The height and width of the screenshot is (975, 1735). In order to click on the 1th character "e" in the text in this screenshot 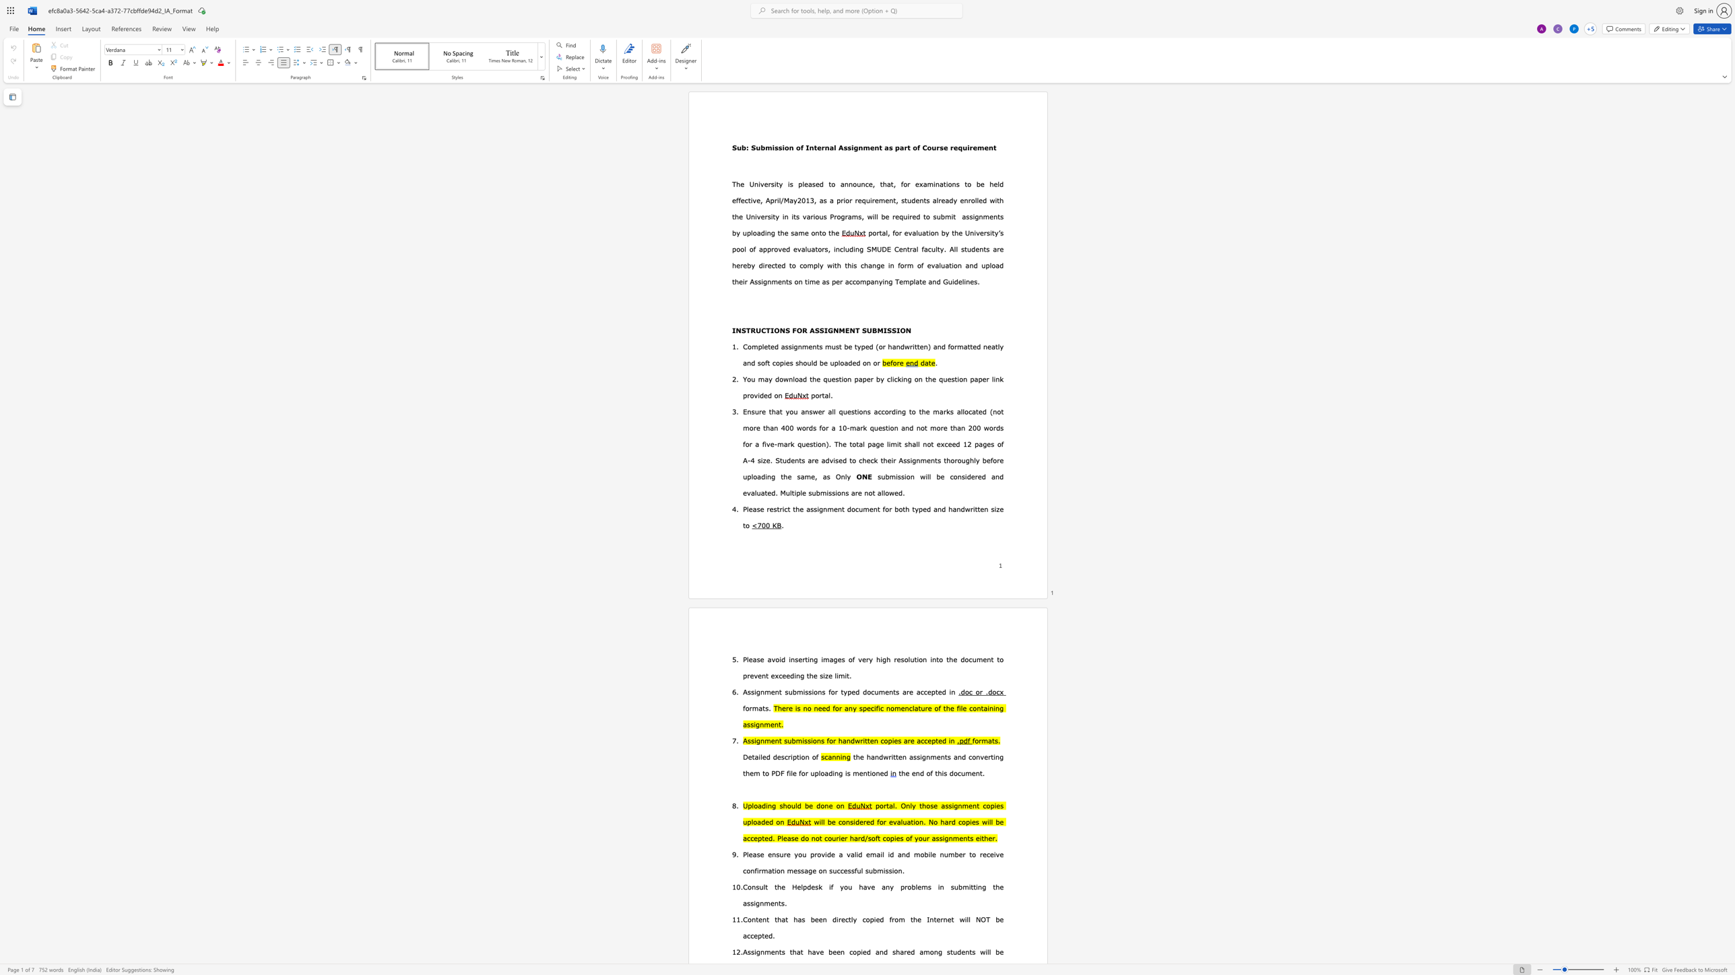, I will do `click(886, 215)`.